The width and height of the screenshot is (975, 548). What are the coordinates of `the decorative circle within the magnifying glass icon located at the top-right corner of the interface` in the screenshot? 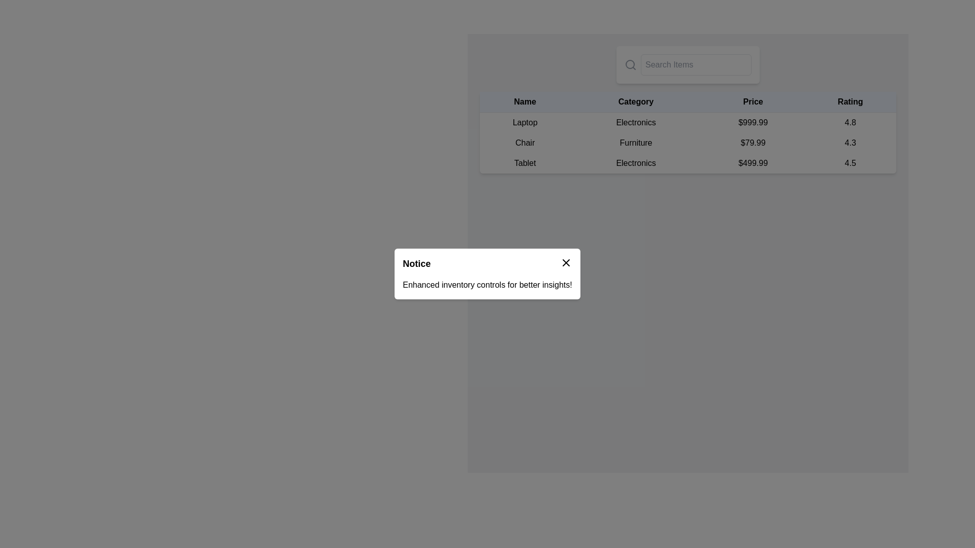 It's located at (630, 64).